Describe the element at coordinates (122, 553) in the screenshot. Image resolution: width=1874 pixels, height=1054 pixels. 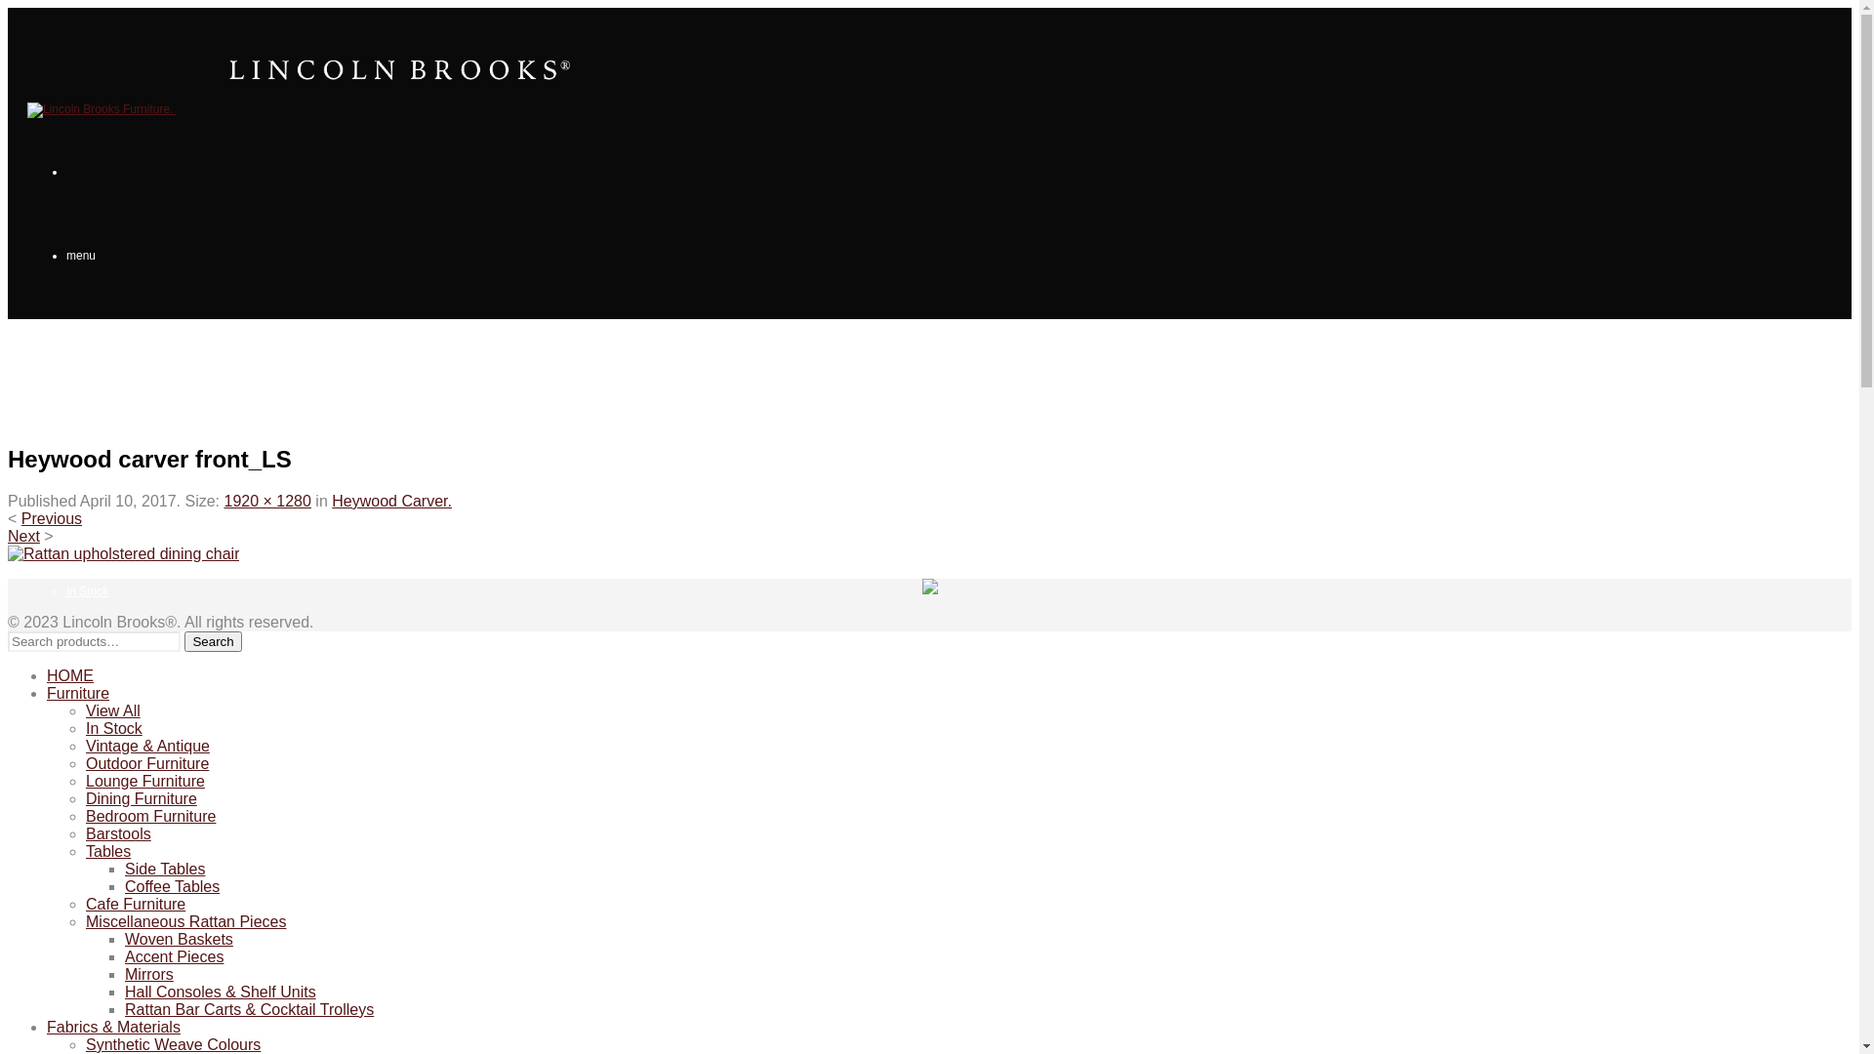
I see `'Heywood carver front_LS'` at that location.